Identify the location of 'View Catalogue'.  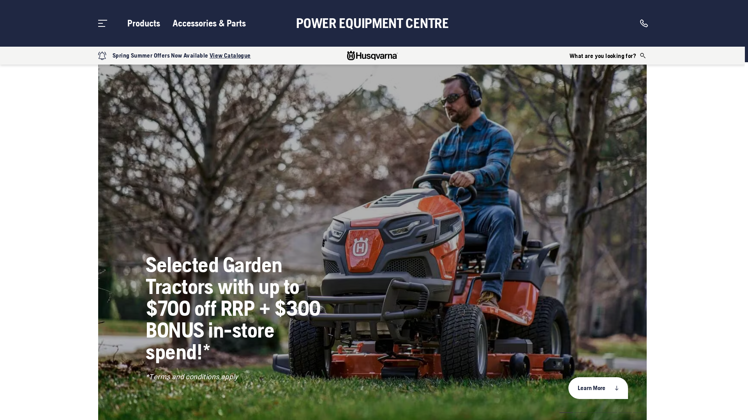
(229, 55).